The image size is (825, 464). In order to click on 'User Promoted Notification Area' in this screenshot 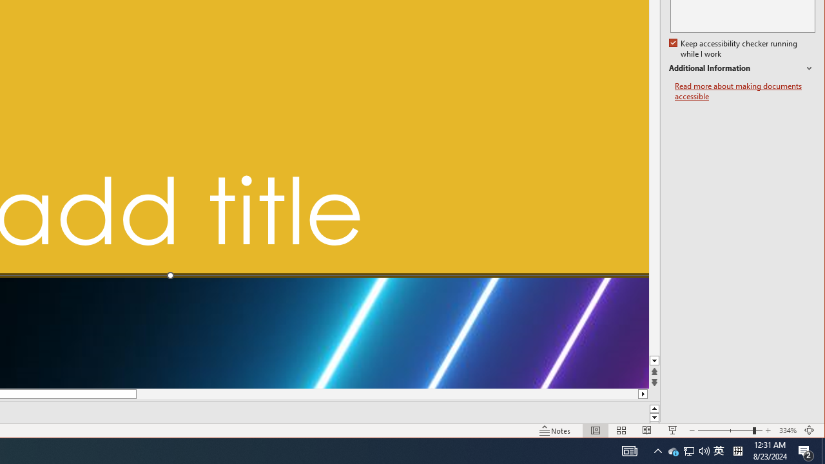, I will do `click(688, 450)`.